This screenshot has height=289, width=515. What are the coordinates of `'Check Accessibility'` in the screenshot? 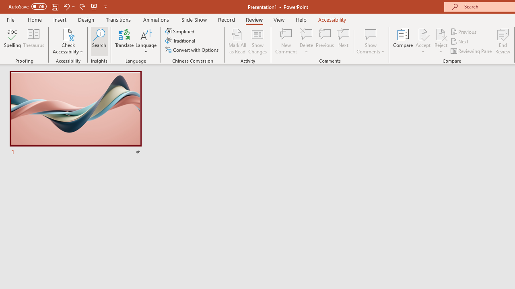 It's located at (68, 41).